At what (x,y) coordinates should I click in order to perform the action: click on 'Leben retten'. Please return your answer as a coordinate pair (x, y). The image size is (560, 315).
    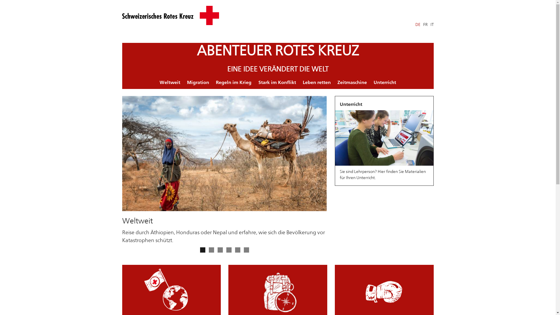
    Looking at the image, I should click on (316, 83).